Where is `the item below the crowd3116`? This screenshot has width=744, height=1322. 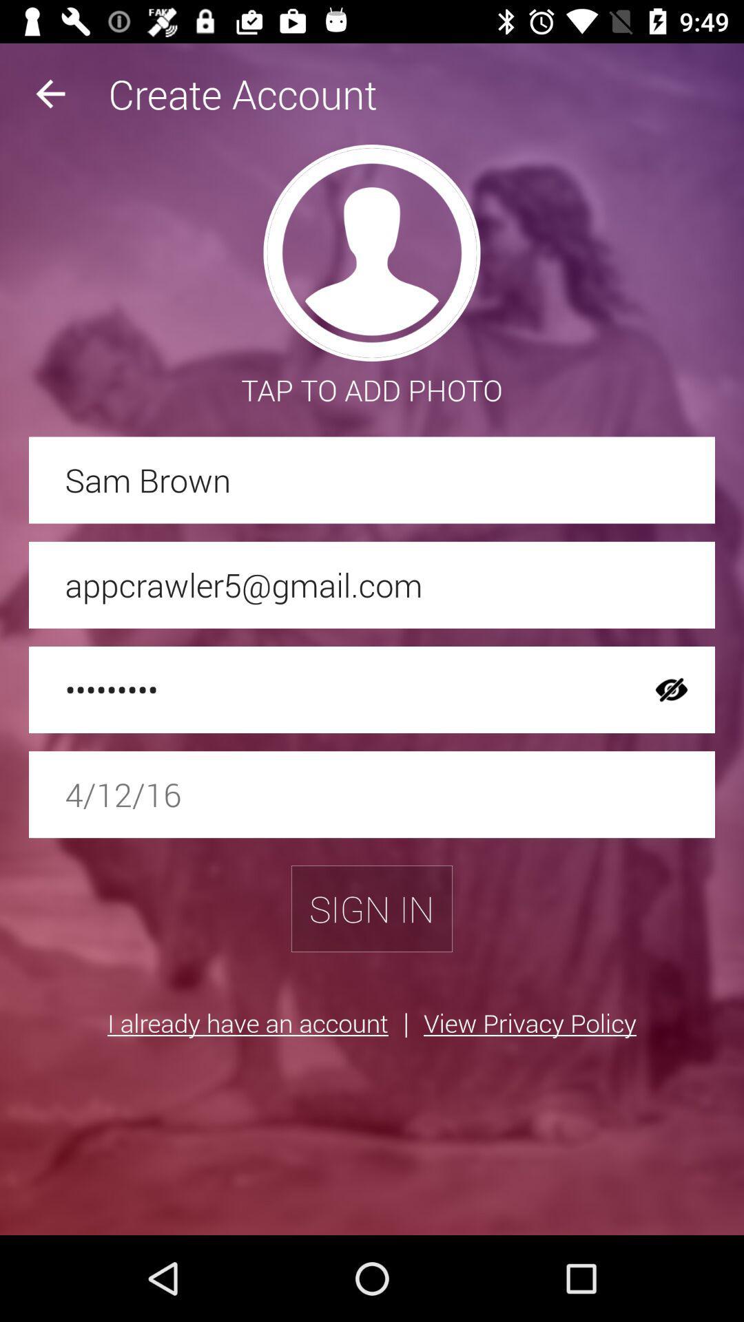 the item below the crowd3116 is located at coordinates (372, 795).